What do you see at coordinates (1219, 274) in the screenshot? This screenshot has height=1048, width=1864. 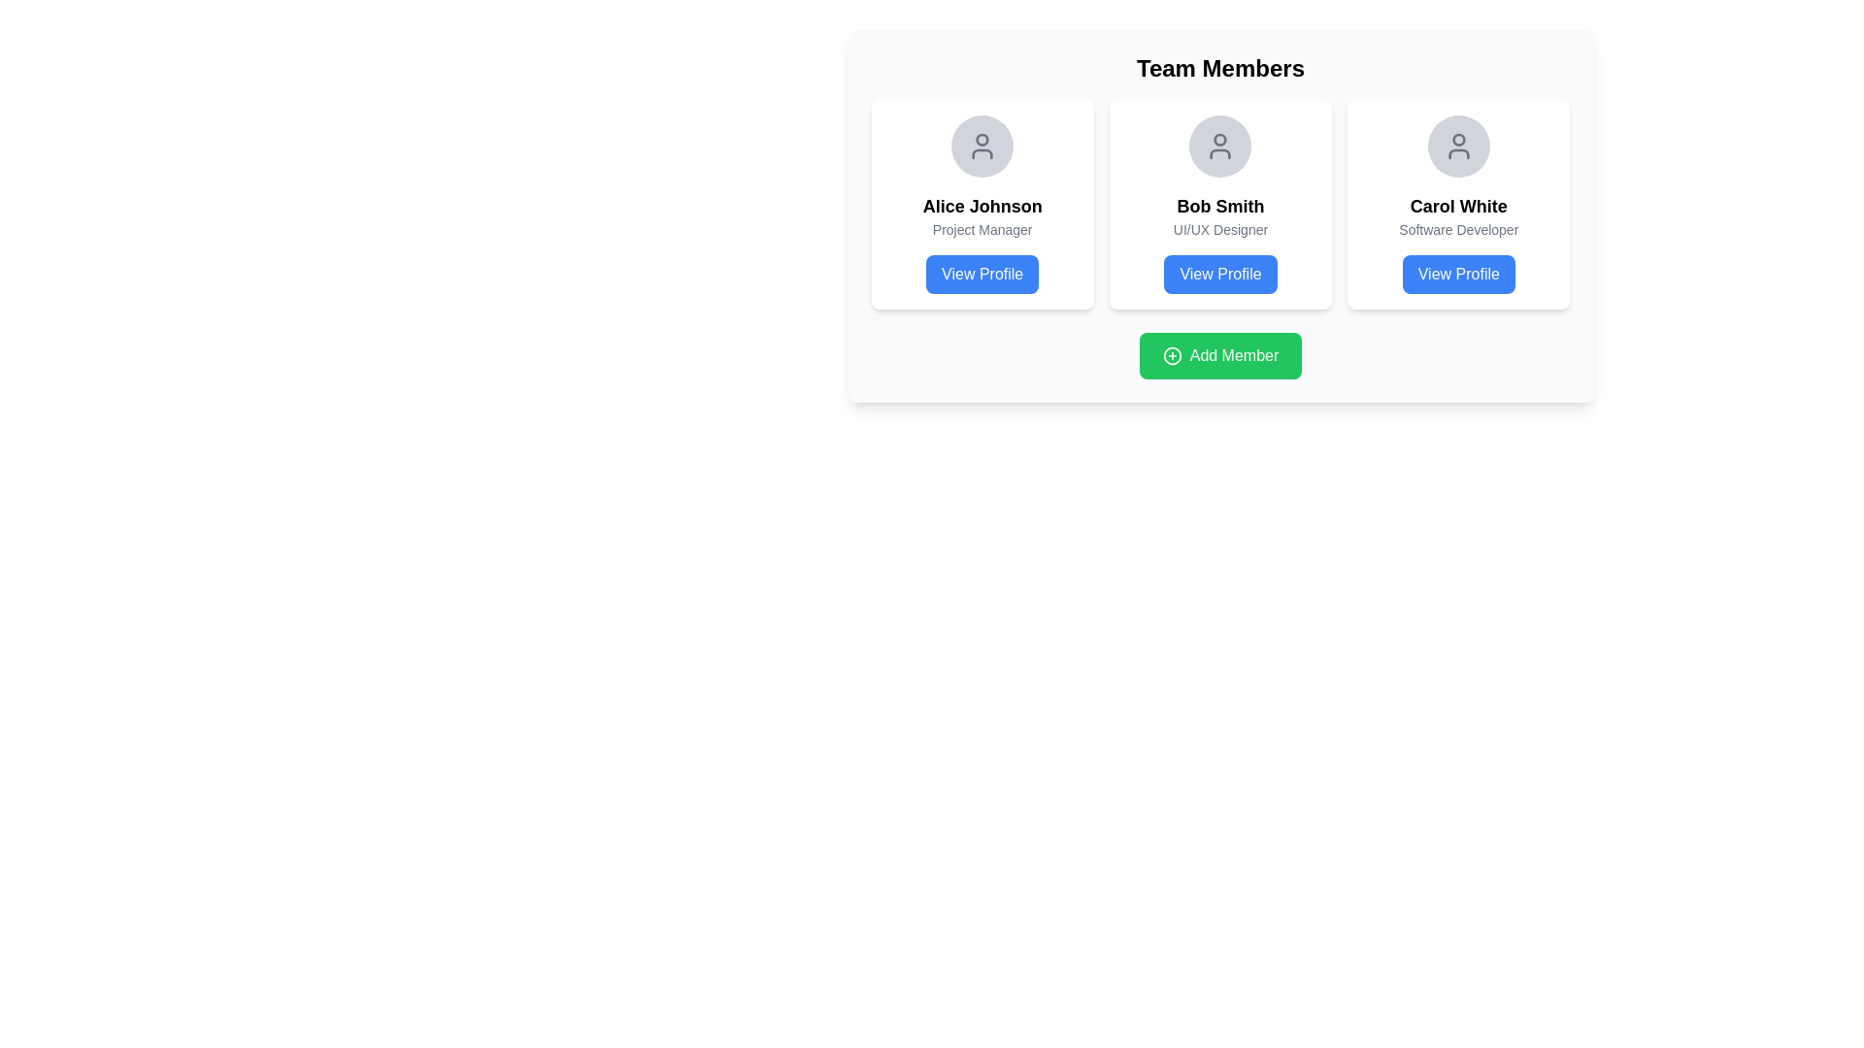 I see `the 'View Profile' button with a blue background and white text, located at the bottom of the second card, beneath 'UI/UX Designer' and 'Bob Smith'` at bounding box center [1219, 274].